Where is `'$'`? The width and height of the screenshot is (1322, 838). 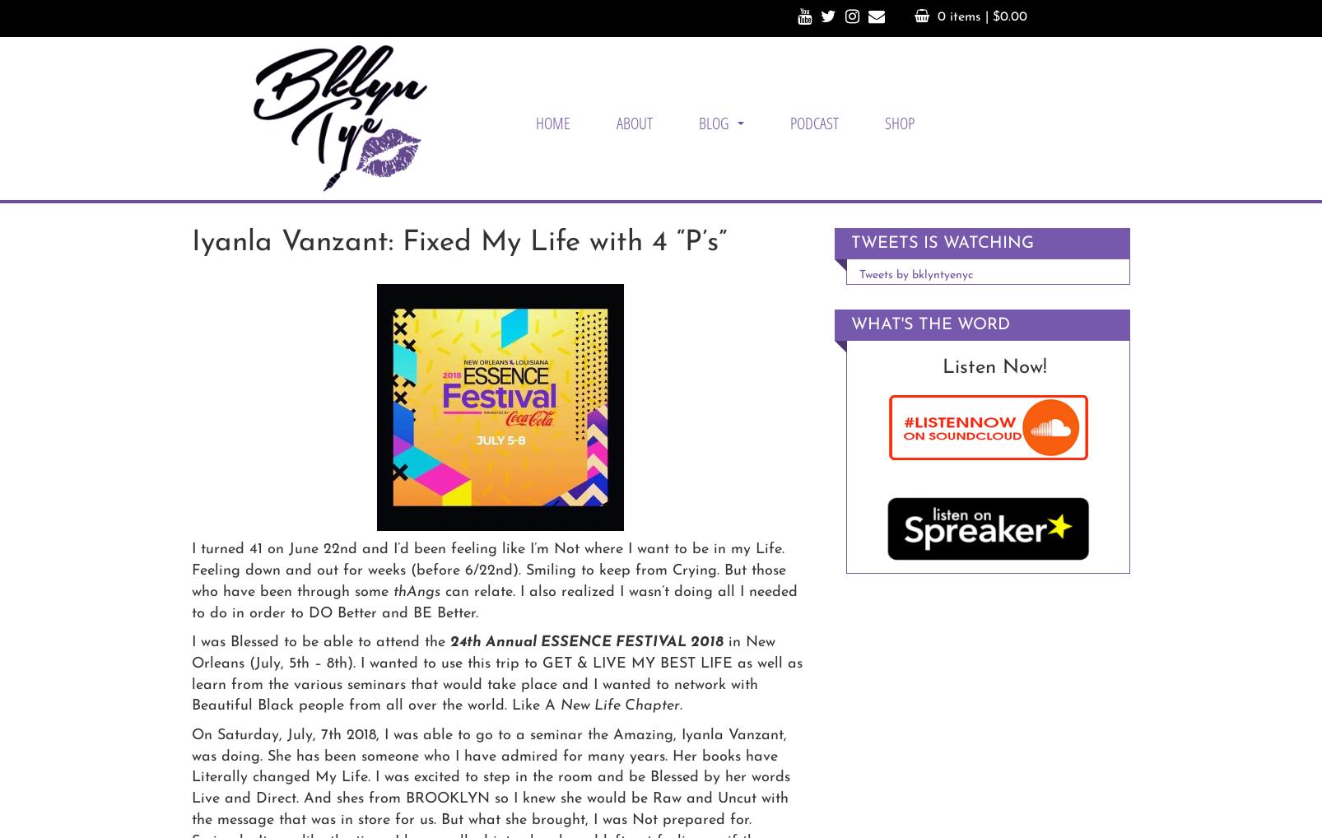
'$' is located at coordinates (995, 16).